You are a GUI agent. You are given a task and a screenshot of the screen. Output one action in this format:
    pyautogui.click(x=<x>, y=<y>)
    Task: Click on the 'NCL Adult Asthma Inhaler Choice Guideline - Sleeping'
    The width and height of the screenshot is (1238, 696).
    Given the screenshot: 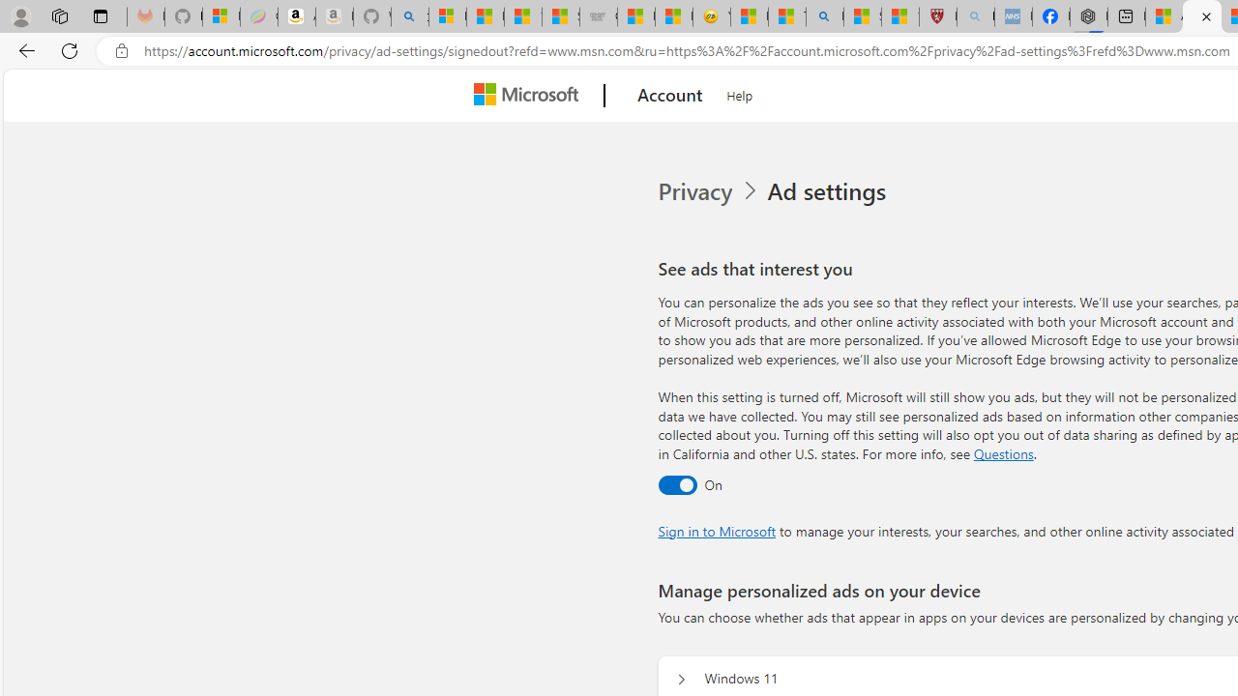 What is the action you would take?
    pyautogui.click(x=1013, y=16)
    